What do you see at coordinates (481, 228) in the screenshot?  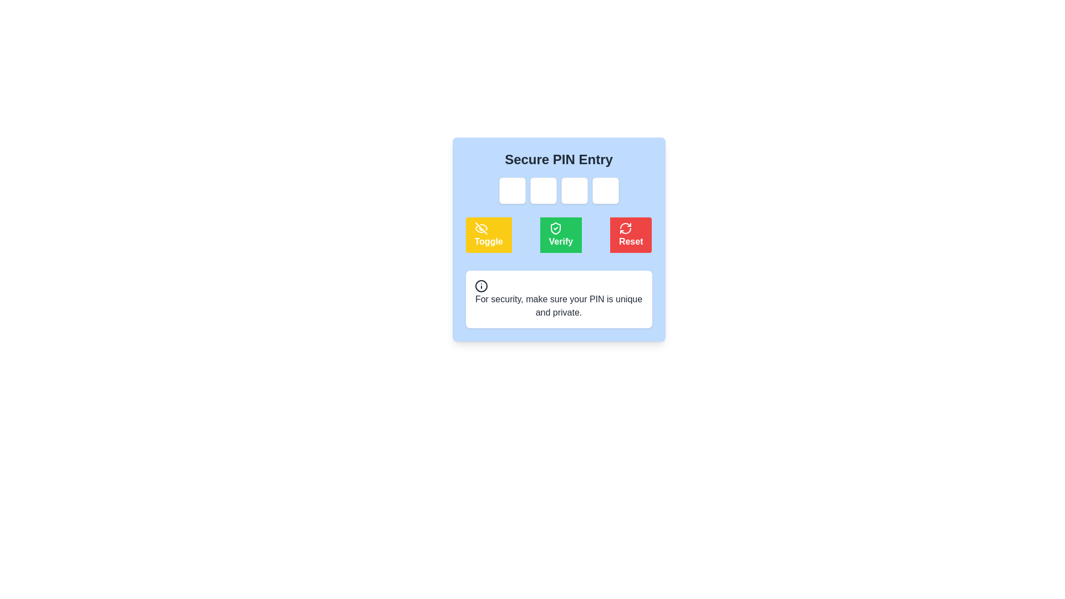 I see `the toggle button icon that resembles a diagonal line cross stroke, located` at bounding box center [481, 228].